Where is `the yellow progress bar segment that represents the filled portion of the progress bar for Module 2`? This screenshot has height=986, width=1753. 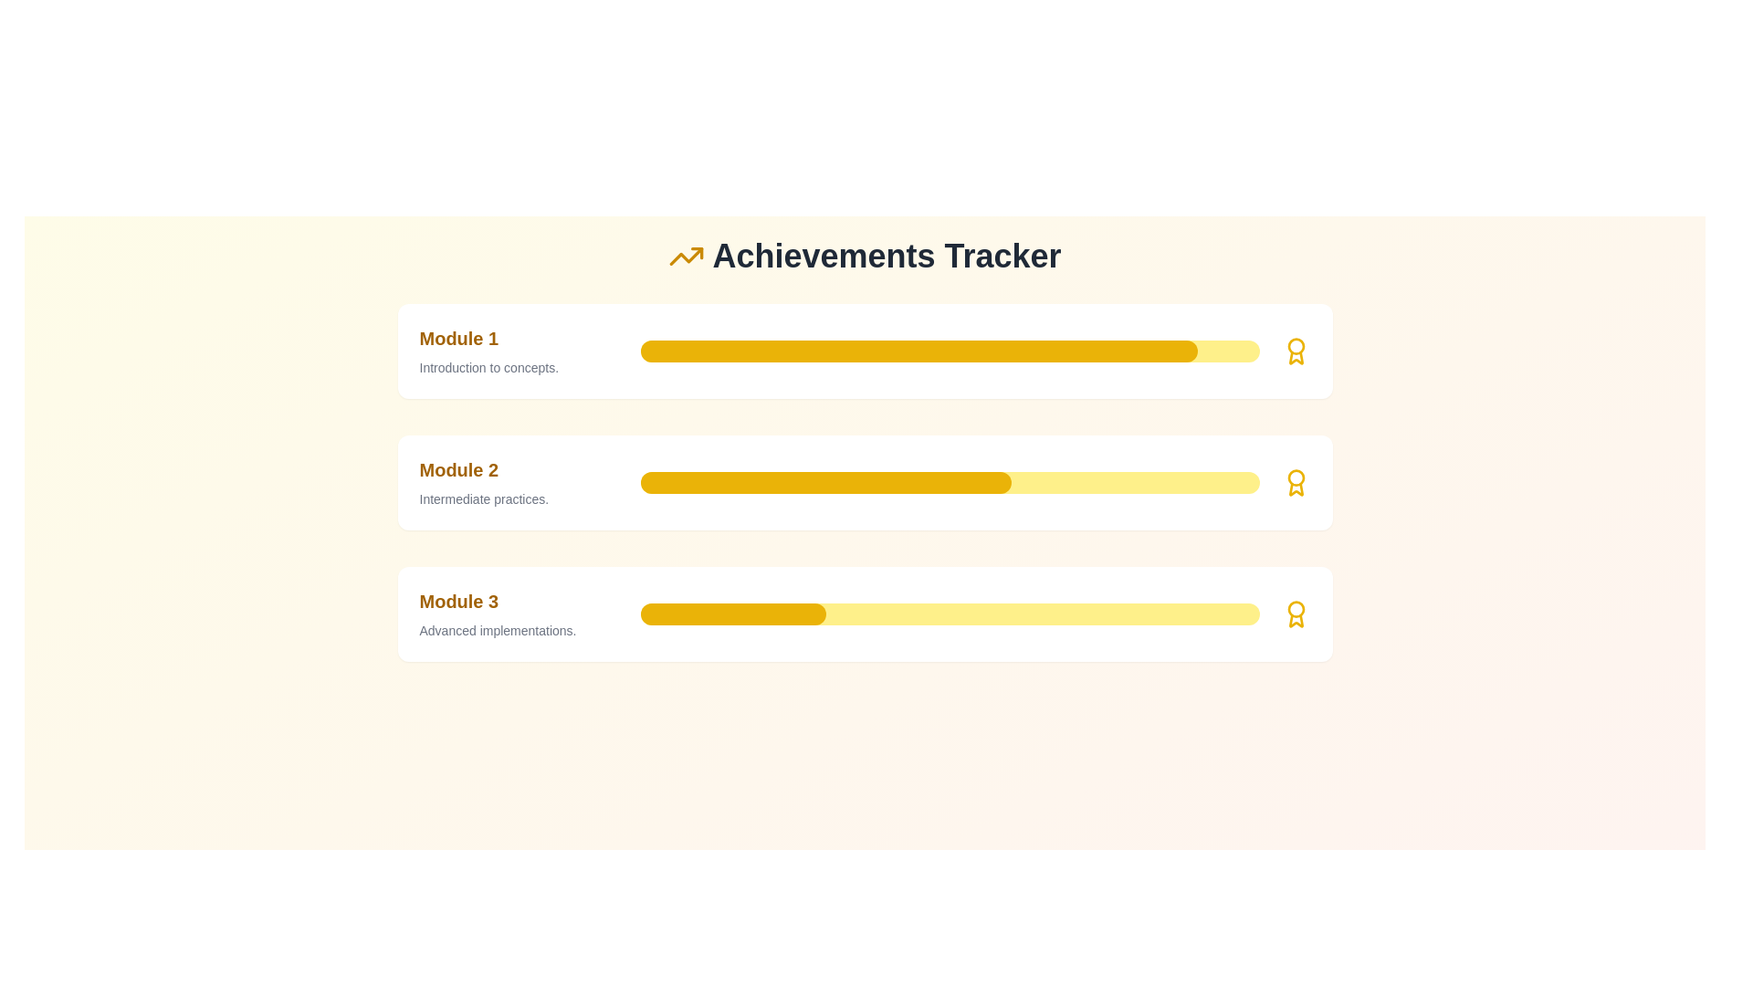 the yellow progress bar segment that represents the filled portion of the progress bar for Module 2 is located at coordinates (824, 481).